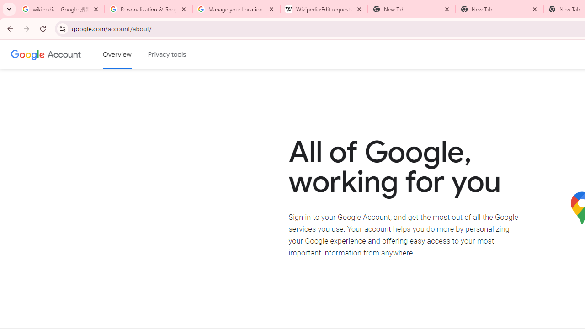  Describe the element at coordinates (499, 9) in the screenshot. I see `'New Tab'` at that location.